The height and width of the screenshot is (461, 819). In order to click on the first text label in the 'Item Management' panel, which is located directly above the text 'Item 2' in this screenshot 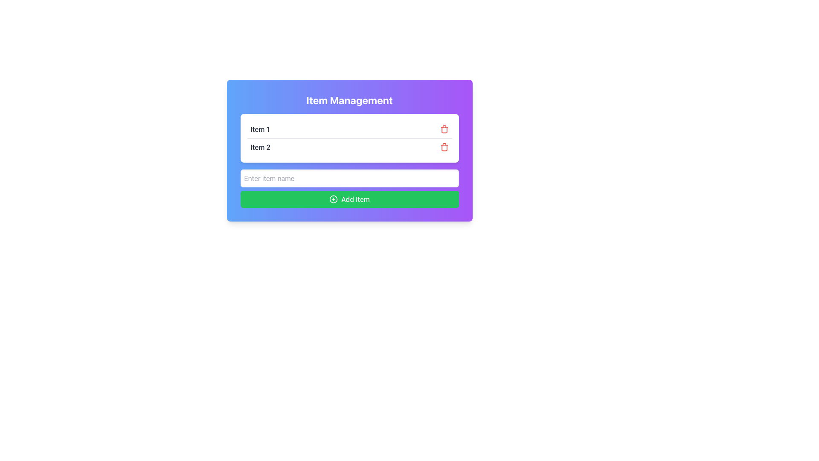, I will do `click(259, 129)`.